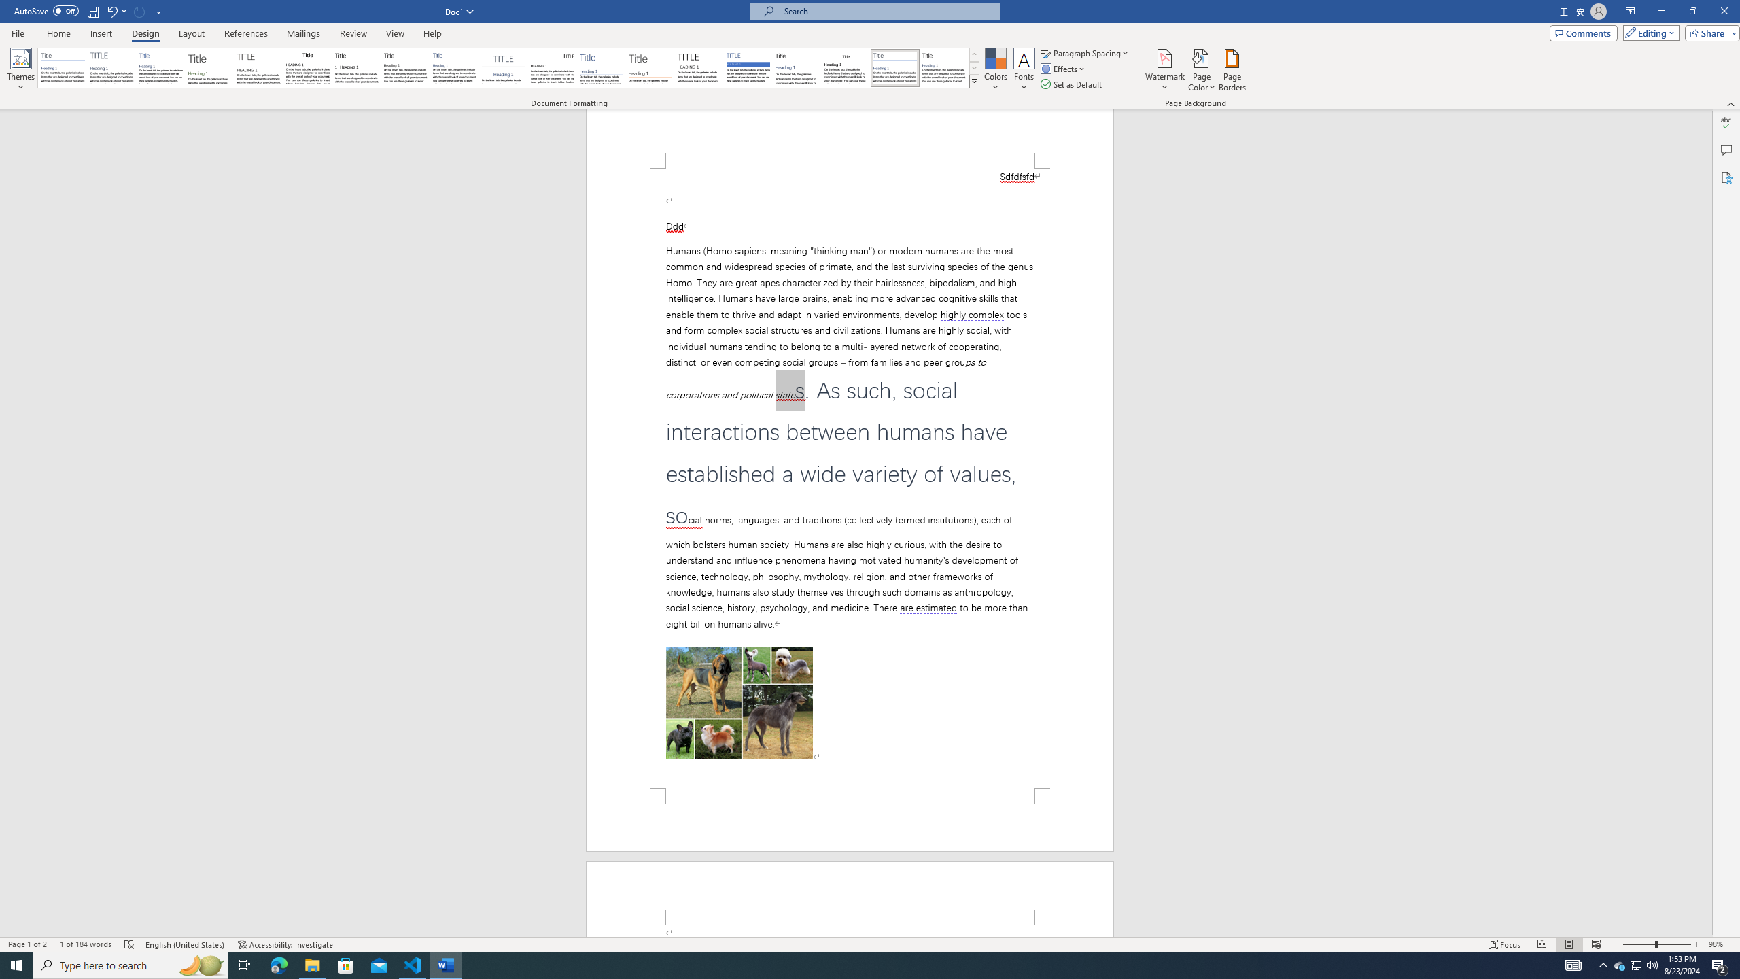 The width and height of the screenshot is (1740, 979). What do you see at coordinates (27, 944) in the screenshot?
I see `'Page Number Page 1 of 2'` at bounding box center [27, 944].